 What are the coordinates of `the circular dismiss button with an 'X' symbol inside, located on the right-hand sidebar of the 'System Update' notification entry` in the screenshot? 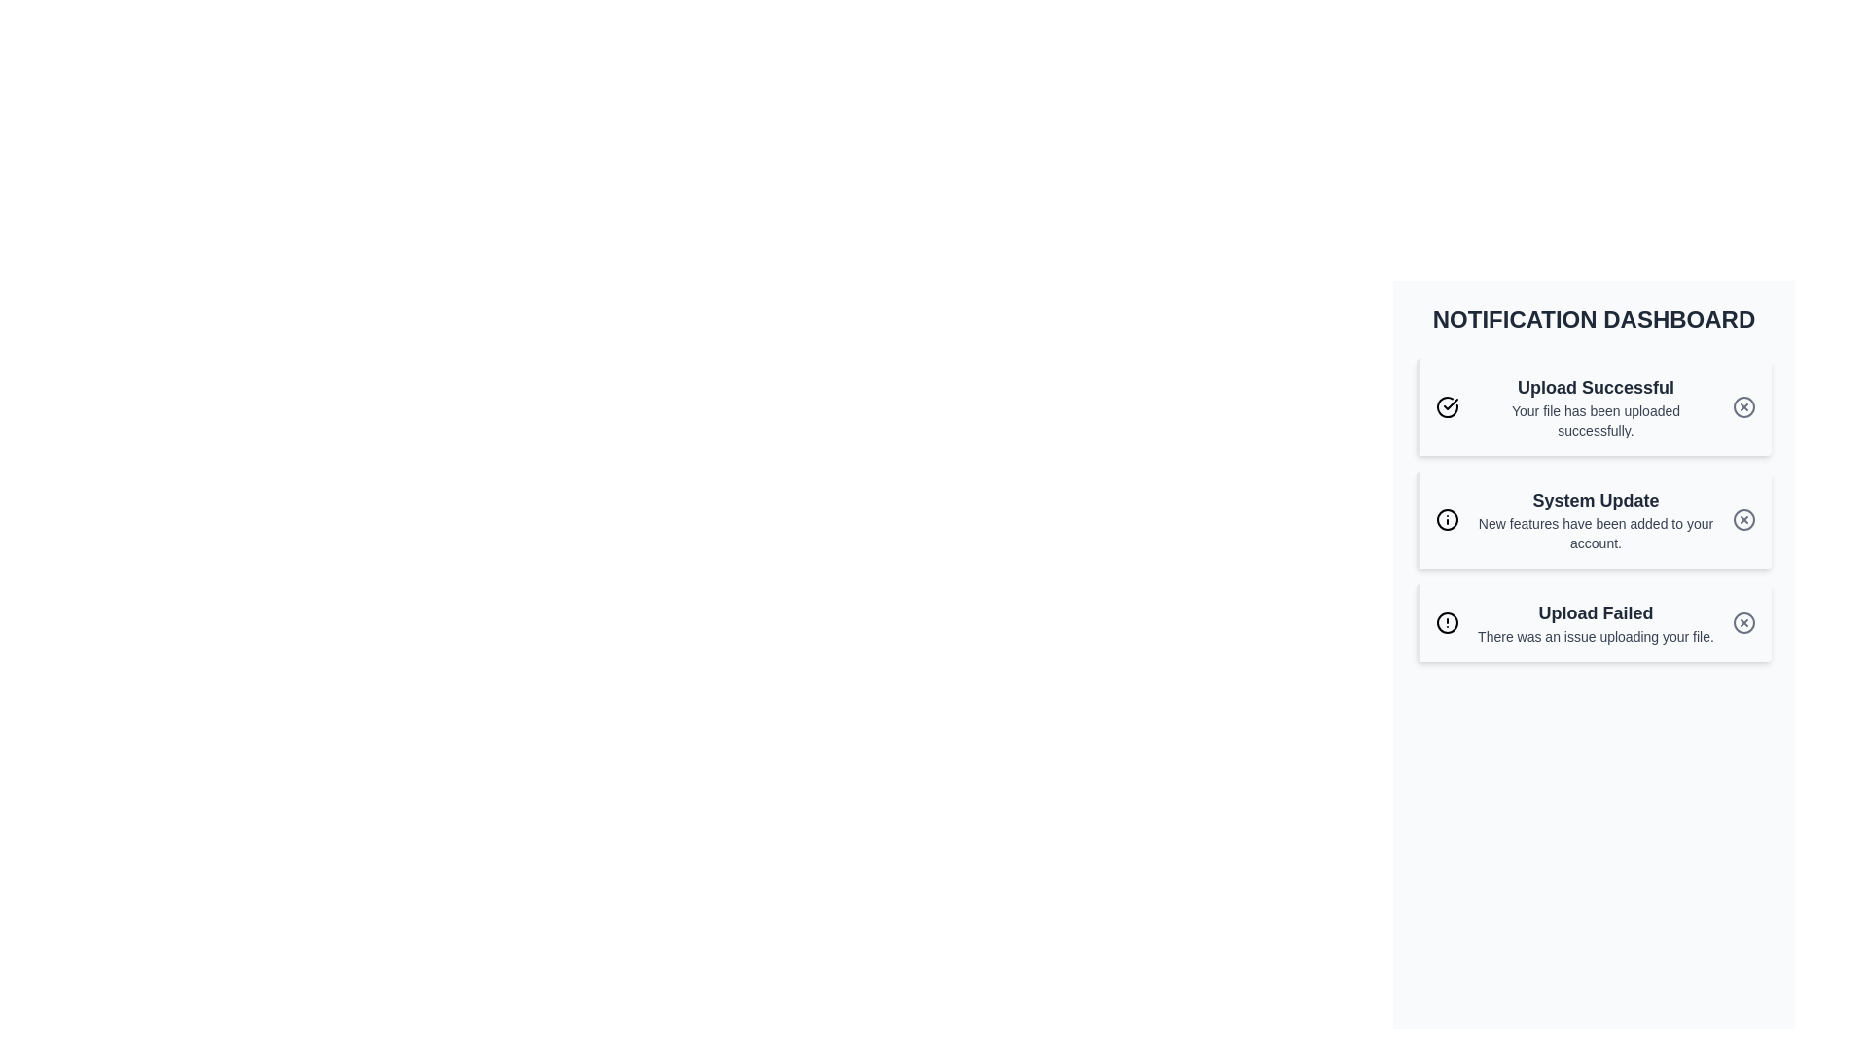 It's located at (1744, 519).